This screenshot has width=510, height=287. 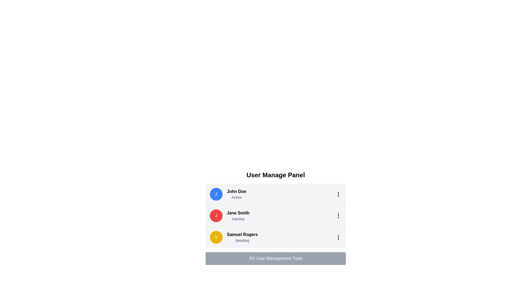 I want to click on the 'Details' icon associated with the list item entry for 'Jane Smith' in the 'User Manage Panel', which has a circular red icon with the letter 'J', so click(x=275, y=216).